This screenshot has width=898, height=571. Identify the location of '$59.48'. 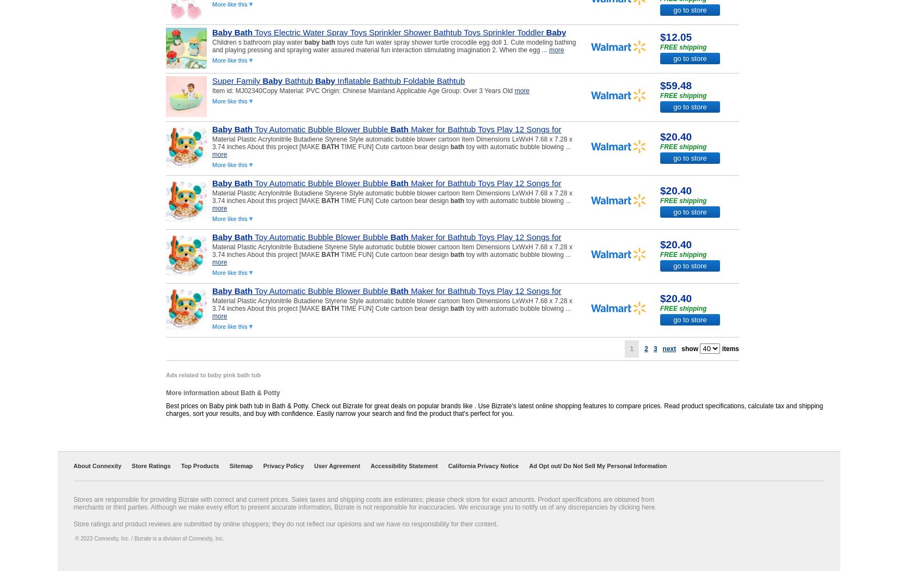
(660, 85).